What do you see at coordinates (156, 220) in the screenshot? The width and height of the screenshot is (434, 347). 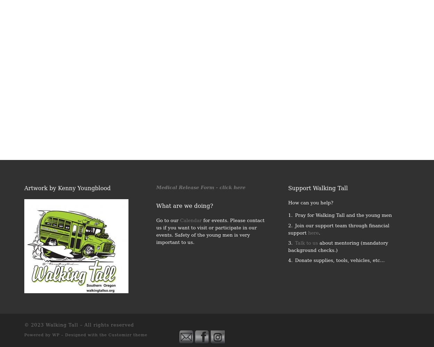 I see `'Go to our'` at bounding box center [156, 220].